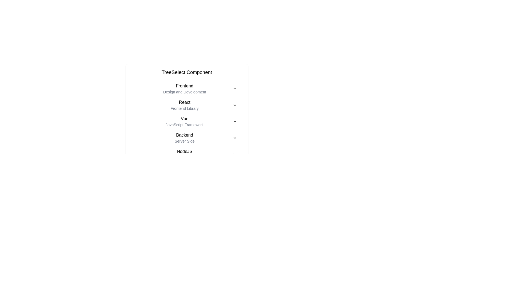 This screenshot has height=295, width=524. What do you see at coordinates (235, 138) in the screenshot?
I see `the toggle icon located at the far-right edge of the 'Backend' section in the tree selection component interface` at bounding box center [235, 138].